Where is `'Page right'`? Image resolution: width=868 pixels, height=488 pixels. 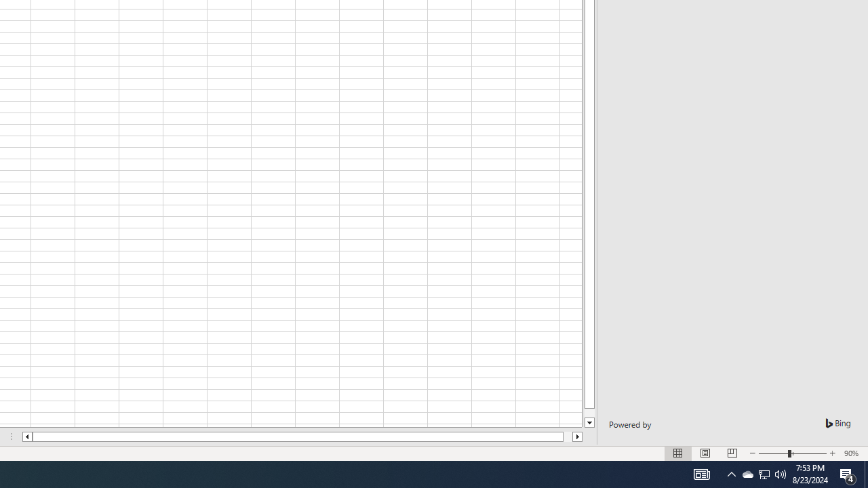
'Page right' is located at coordinates (568, 436).